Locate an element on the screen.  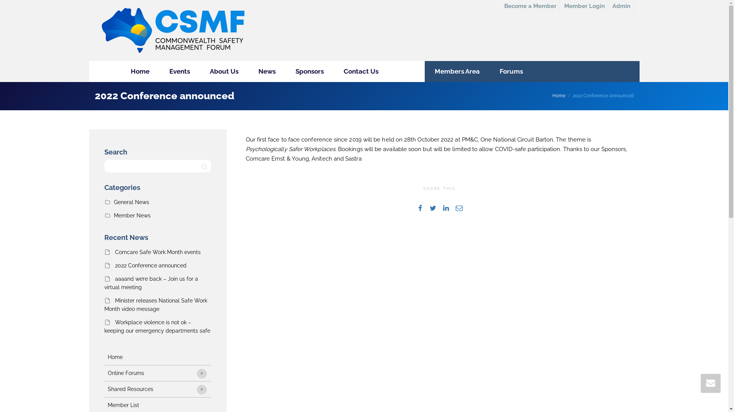
'2022 Conference announced' is located at coordinates (114, 265).